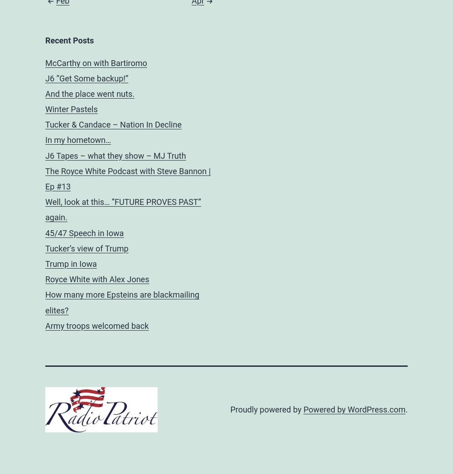 The image size is (453, 474). I want to click on 'Army troops welcomed back', so click(96, 325).